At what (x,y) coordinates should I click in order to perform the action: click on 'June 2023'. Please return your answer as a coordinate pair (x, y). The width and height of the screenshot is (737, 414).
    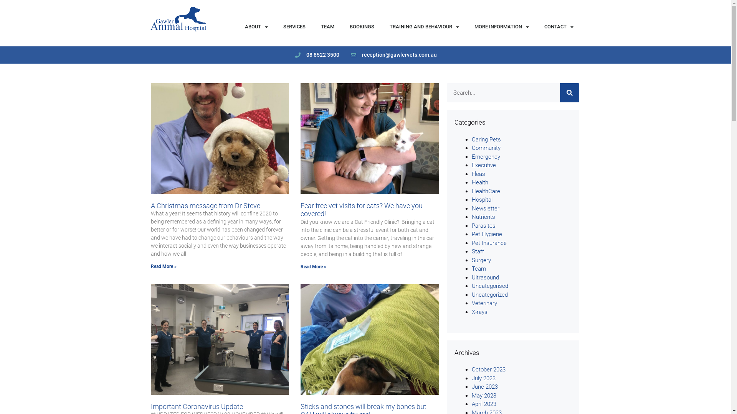
    Looking at the image, I should click on (484, 387).